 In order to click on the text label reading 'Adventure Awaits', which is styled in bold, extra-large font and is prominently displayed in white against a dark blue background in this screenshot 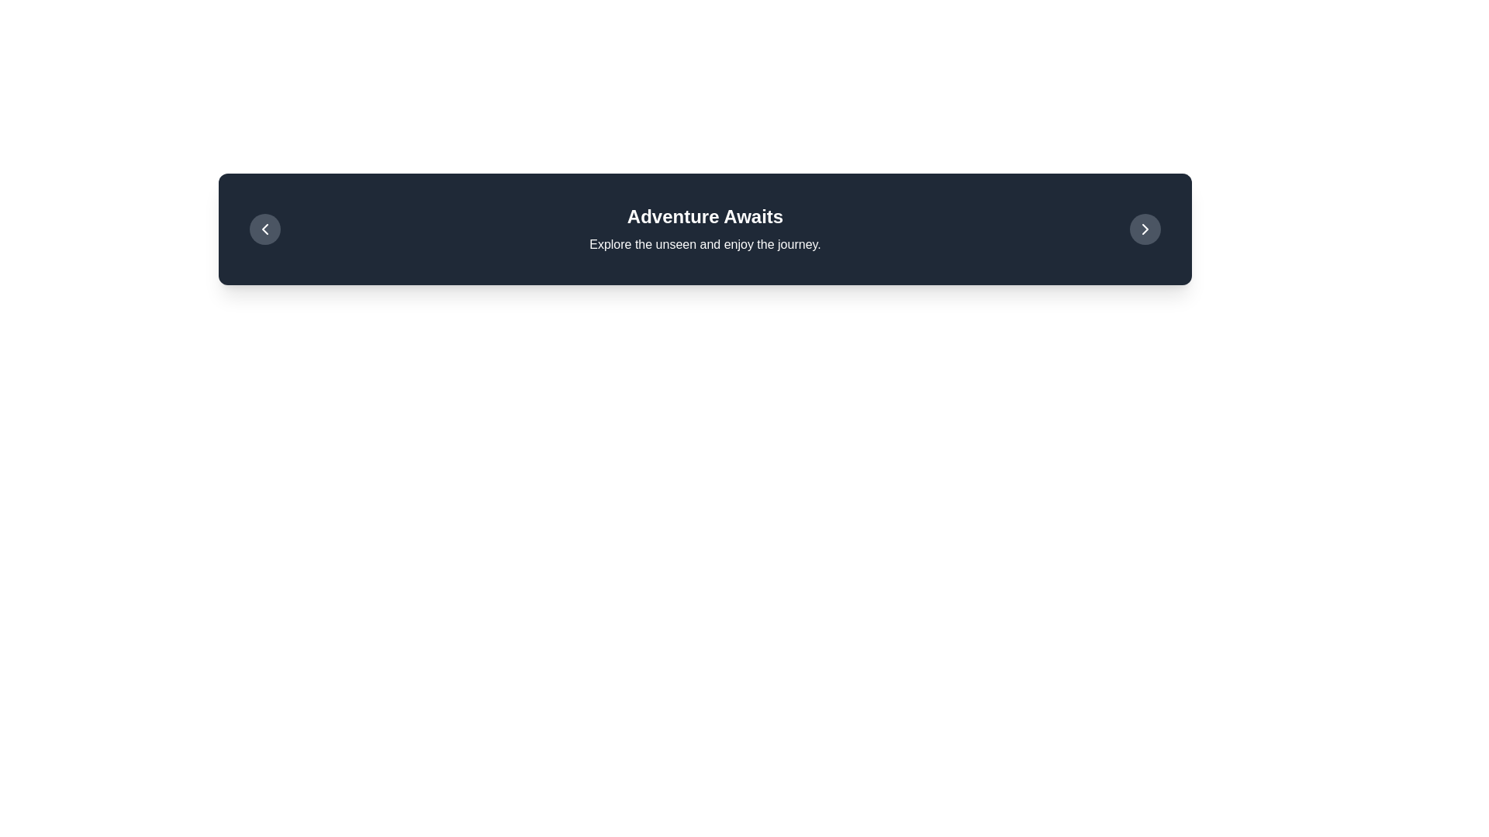, I will do `click(704, 217)`.